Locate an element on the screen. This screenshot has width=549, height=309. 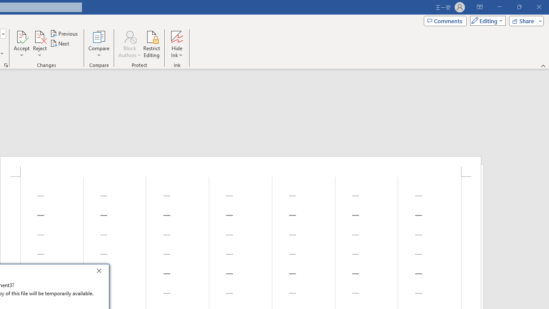
'Hide Ink' is located at coordinates (176, 44).